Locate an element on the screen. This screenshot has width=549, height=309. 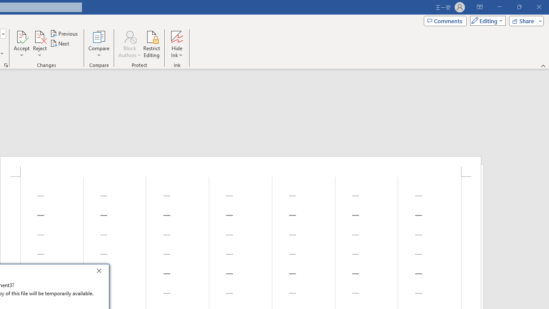
'Hide Ink' is located at coordinates (176, 44).